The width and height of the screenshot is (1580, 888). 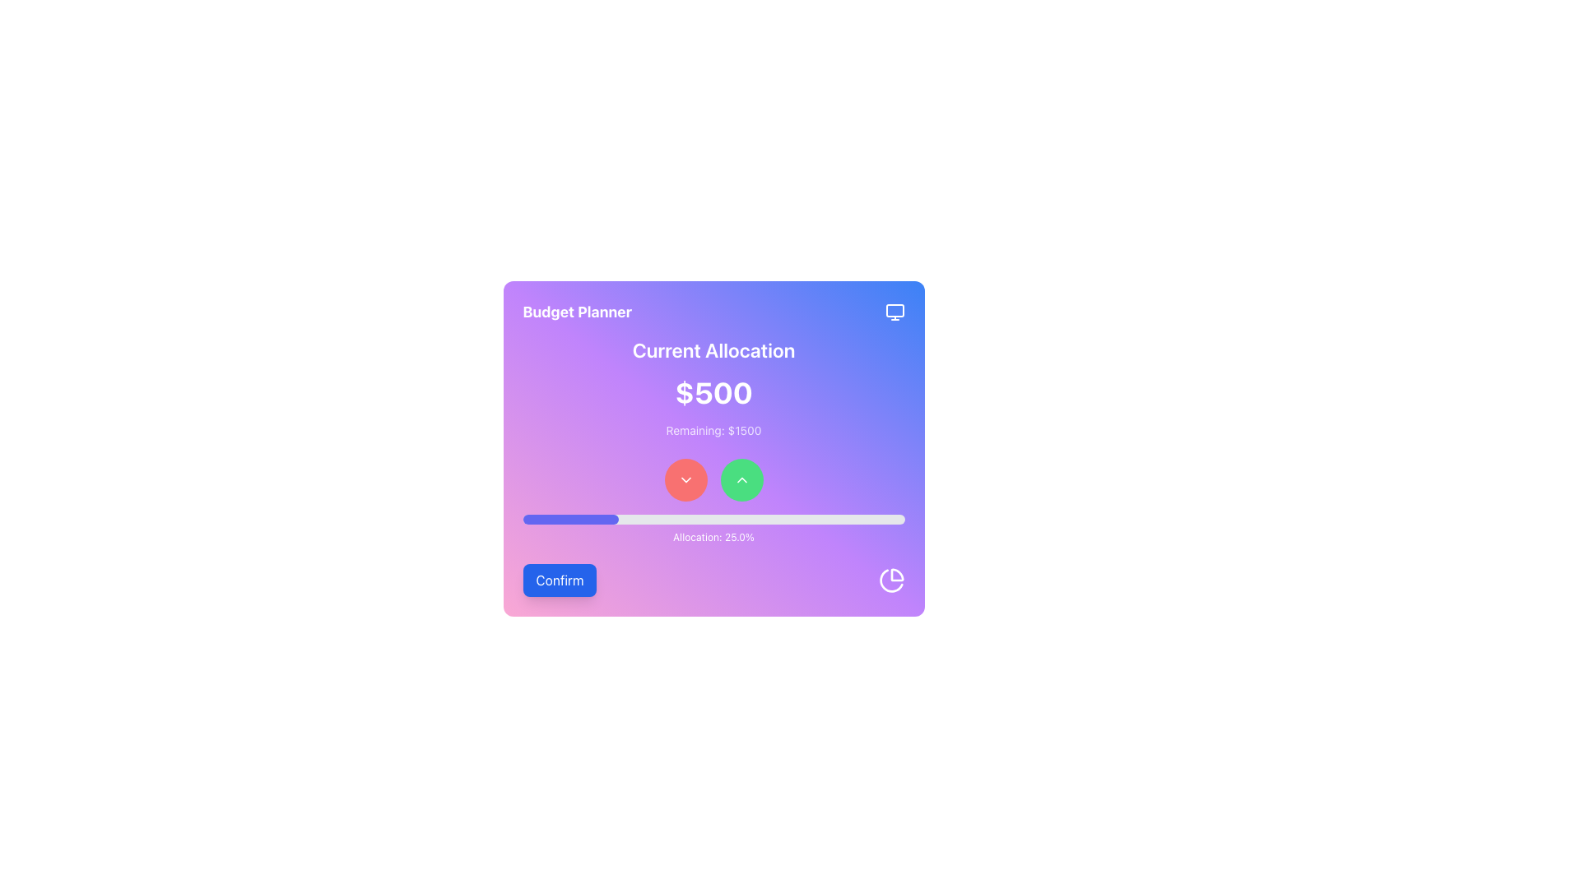 I want to click on the downward-pointing arrow icon inside the circular button, so click(x=685, y=479).